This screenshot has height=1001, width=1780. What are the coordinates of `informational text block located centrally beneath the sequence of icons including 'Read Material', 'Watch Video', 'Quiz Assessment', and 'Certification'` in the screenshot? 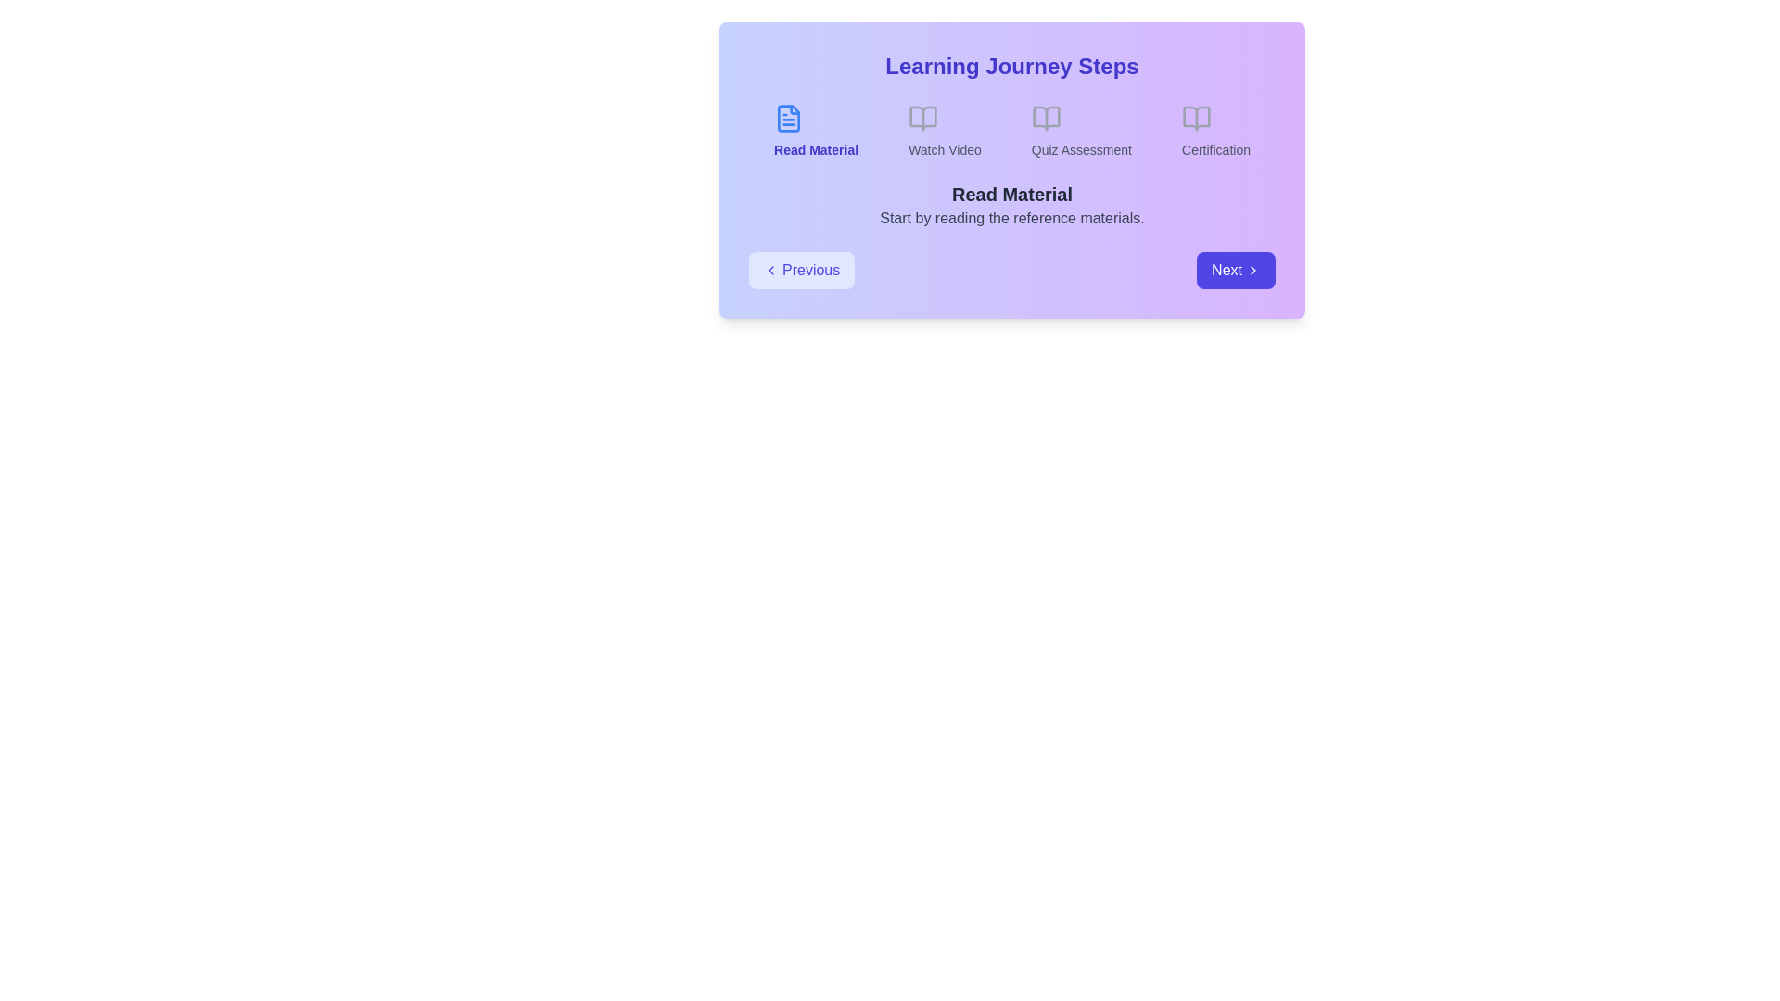 It's located at (1011, 206).